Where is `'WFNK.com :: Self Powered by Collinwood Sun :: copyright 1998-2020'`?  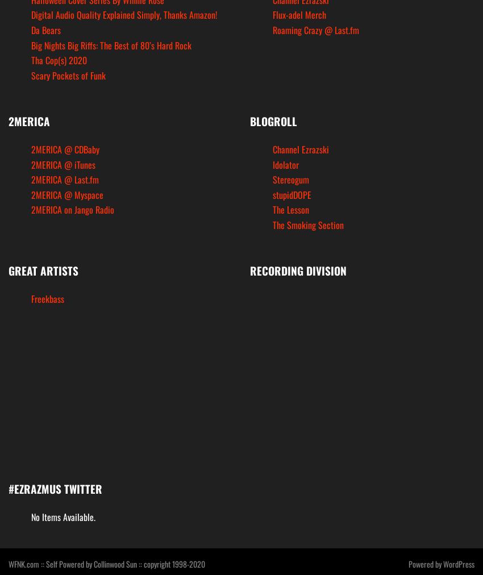 'WFNK.com :: Self Powered by Collinwood Sun :: copyright 1998-2020' is located at coordinates (106, 563).